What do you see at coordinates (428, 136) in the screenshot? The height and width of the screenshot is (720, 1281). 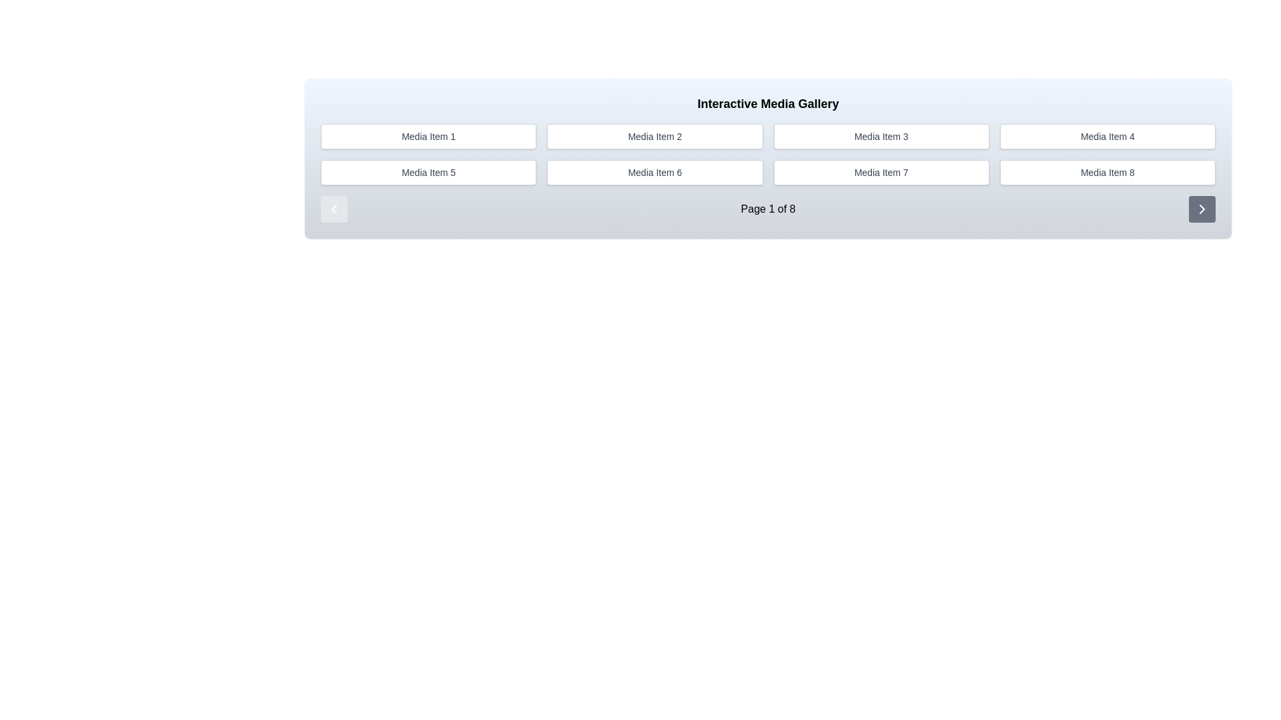 I see `the first button in the media gallery` at bounding box center [428, 136].